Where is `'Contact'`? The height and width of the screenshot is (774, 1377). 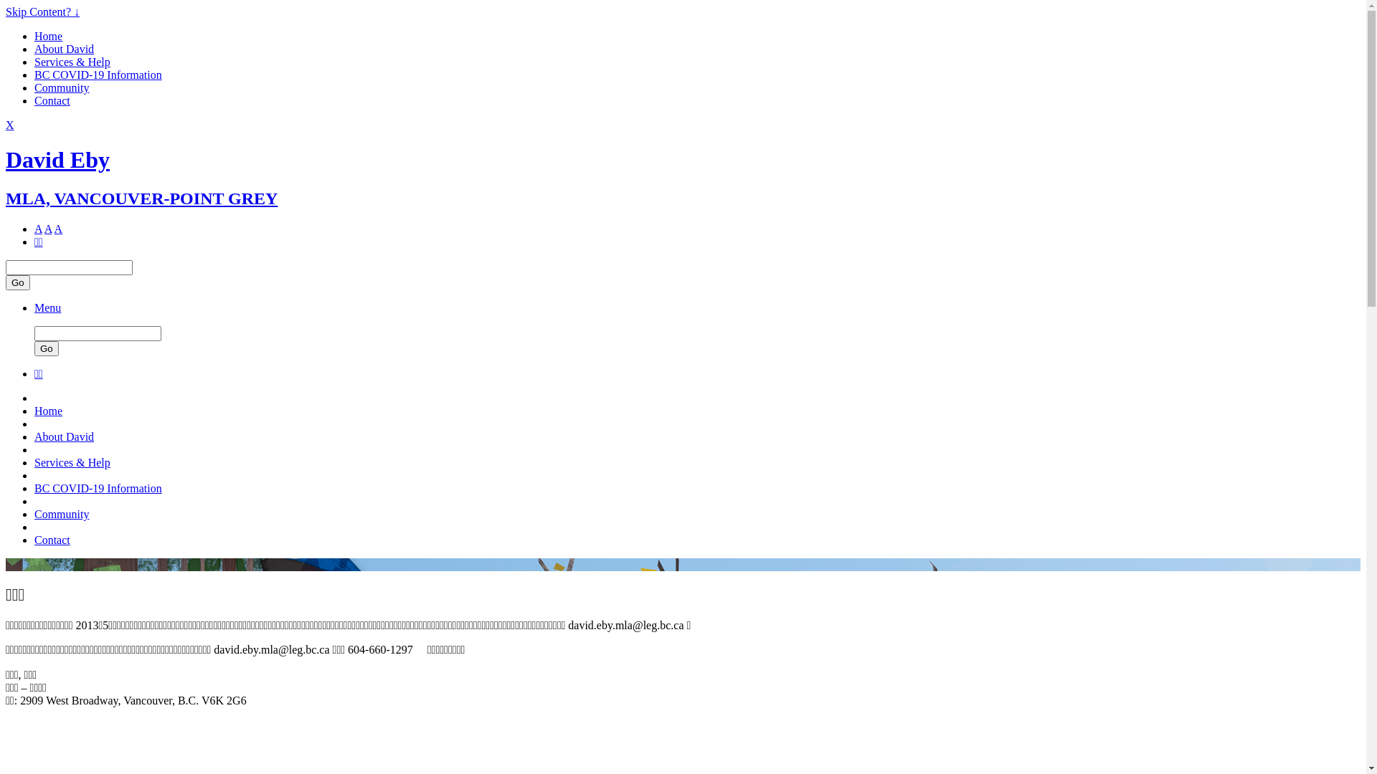 'Contact' is located at coordinates (52, 540).